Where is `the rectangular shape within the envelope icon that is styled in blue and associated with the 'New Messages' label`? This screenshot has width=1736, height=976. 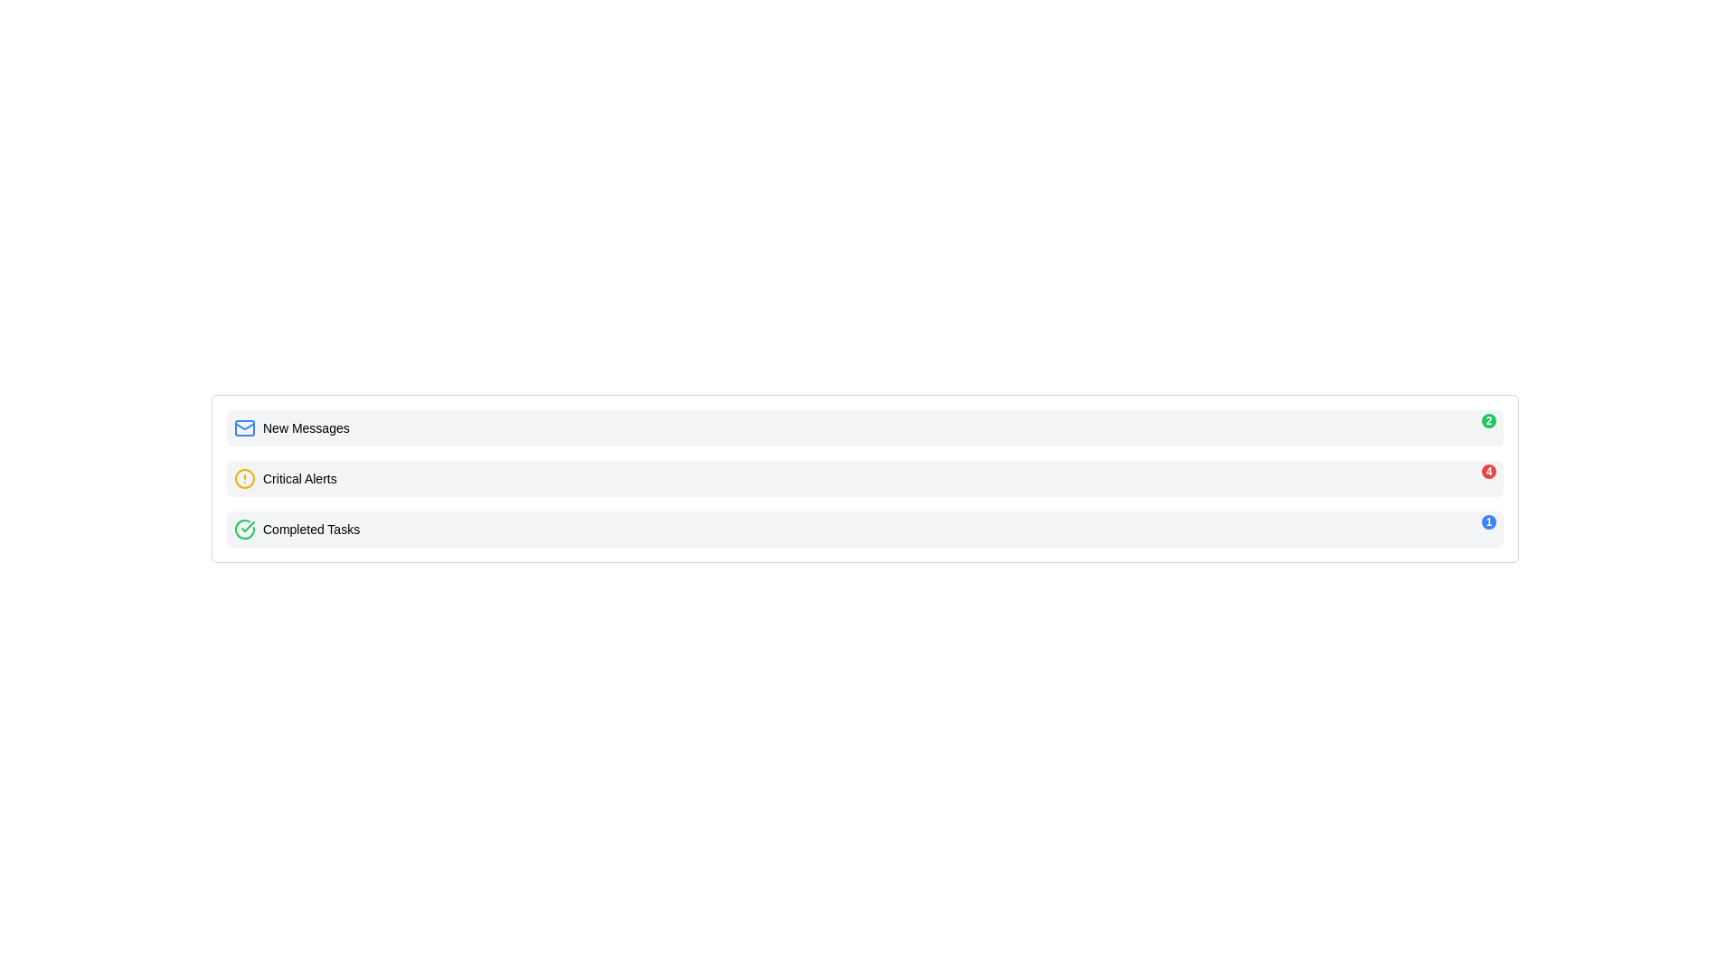 the rectangular shape within the envelope icon that is styled in blue and associated with the 'New Messages' label is located at coordinates (243, 428).